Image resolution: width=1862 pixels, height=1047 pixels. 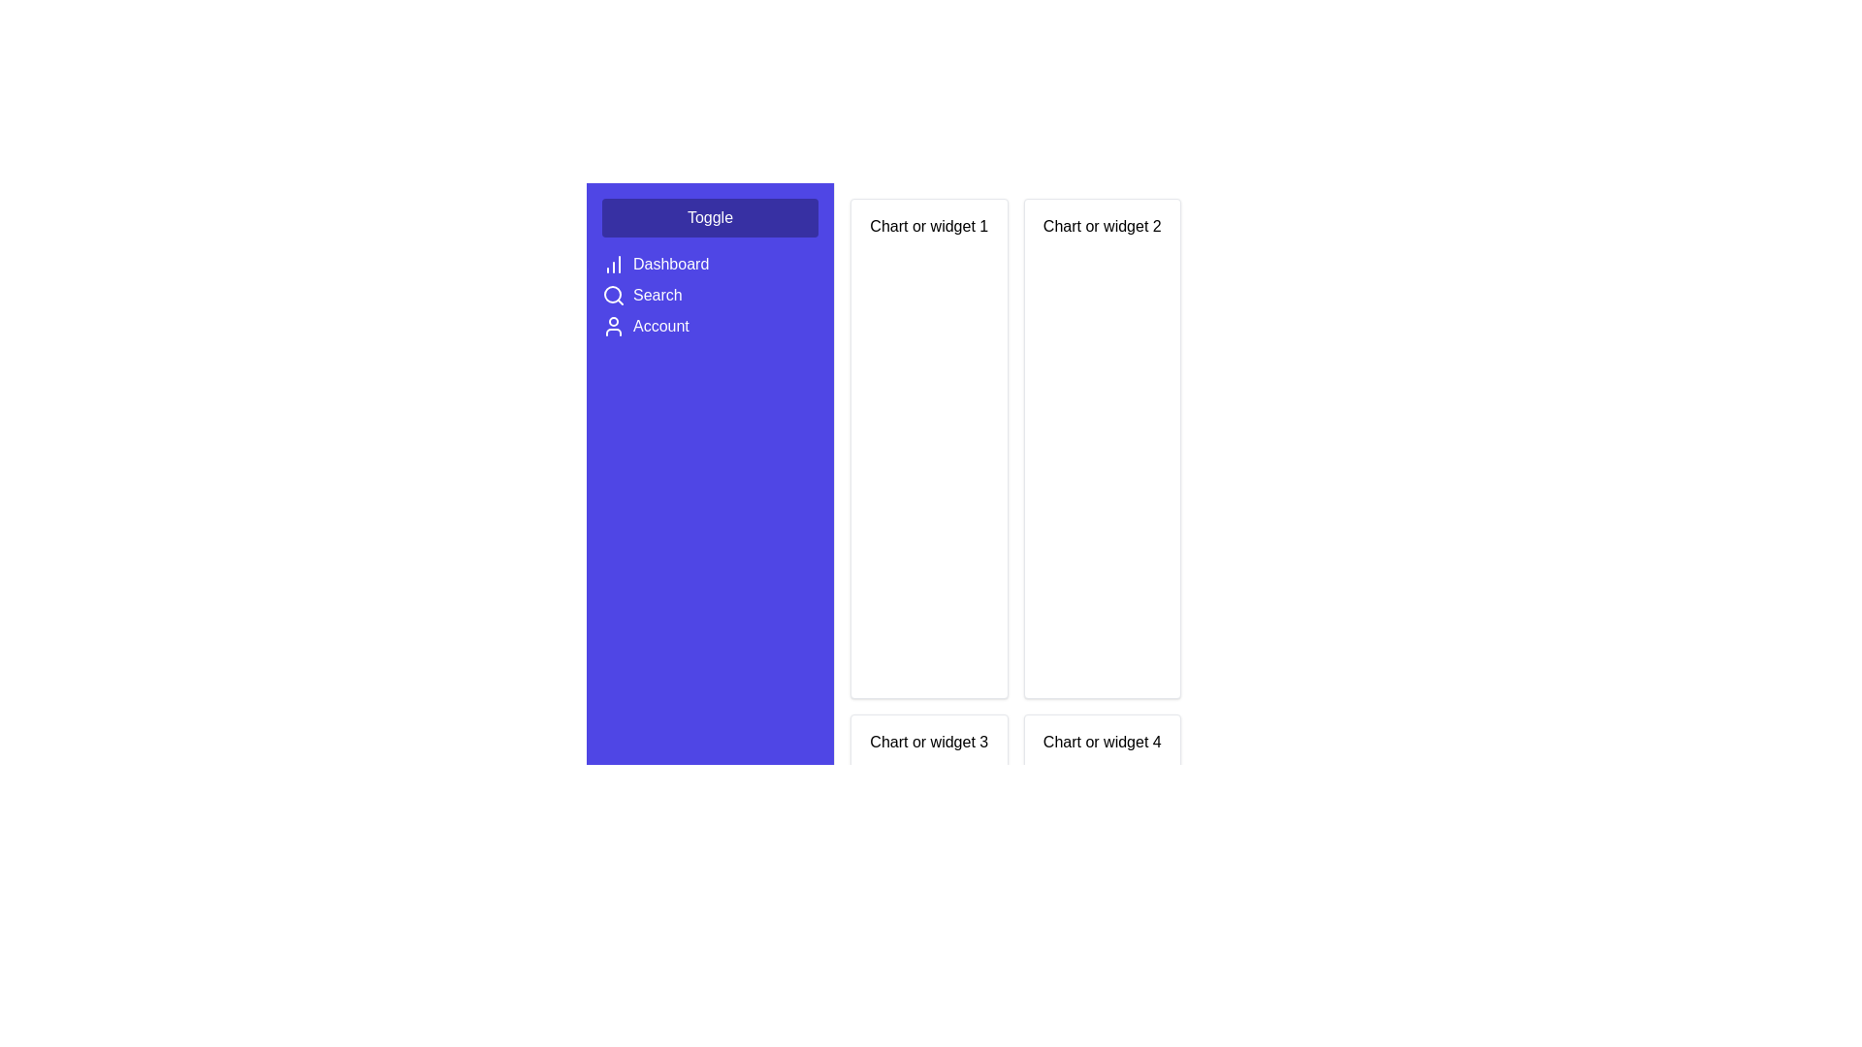 What do you see at coordinates (613, 265) in the screenshot?
I see `the icon depicting increasing vertical bars, which is located on the left sidebar immediately to the left of the text 'Dashboard.'` at bounding box center [613, 265].